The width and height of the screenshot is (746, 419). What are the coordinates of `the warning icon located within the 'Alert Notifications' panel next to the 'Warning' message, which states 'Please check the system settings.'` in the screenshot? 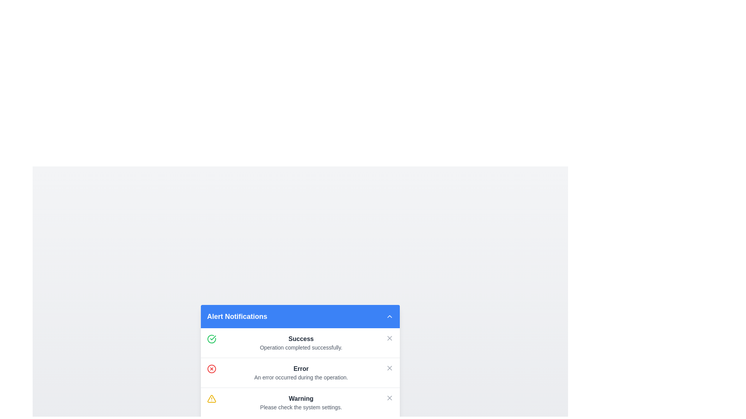 It's located at (211, 398).